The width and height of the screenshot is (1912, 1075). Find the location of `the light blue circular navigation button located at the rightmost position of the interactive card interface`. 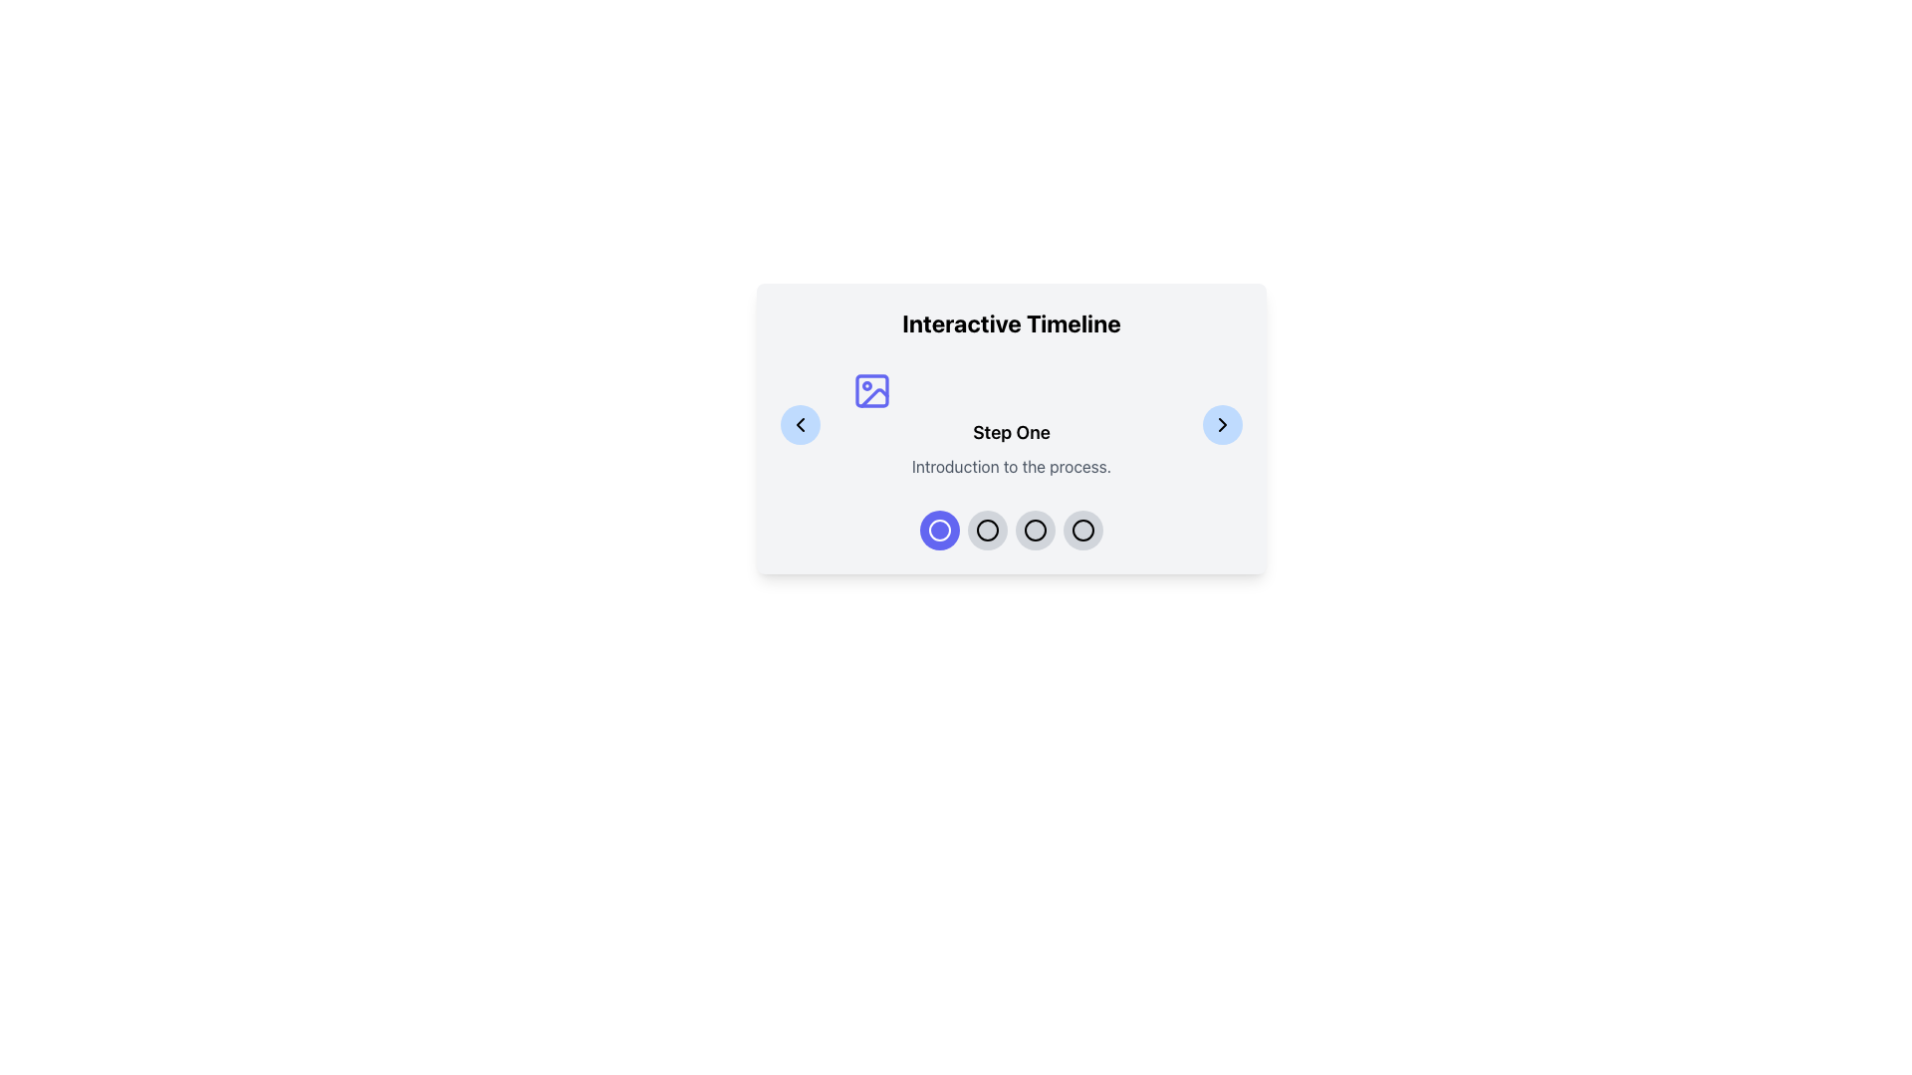

the light blue circular navigation button located at the rightmost position of the interactive card interface is located at coordinates (1222, 424).